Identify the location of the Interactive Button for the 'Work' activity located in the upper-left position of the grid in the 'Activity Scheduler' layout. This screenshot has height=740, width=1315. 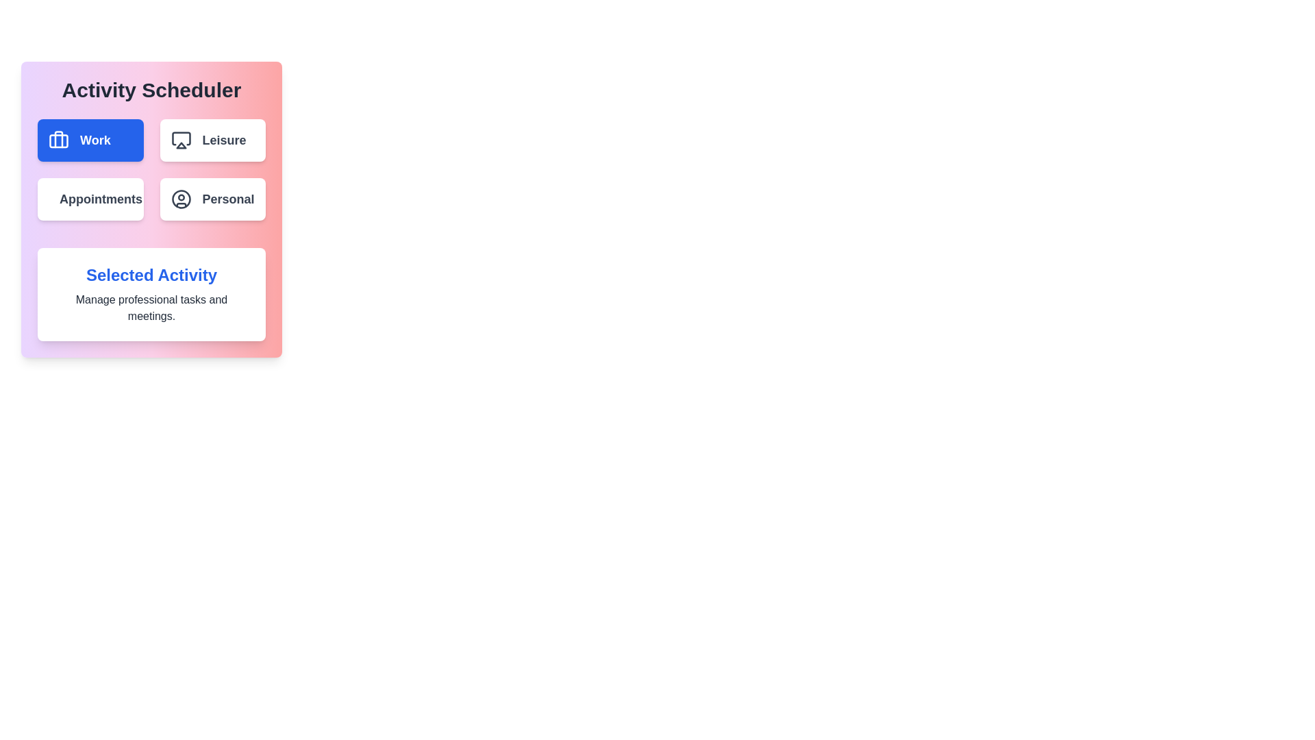
(90, 140).